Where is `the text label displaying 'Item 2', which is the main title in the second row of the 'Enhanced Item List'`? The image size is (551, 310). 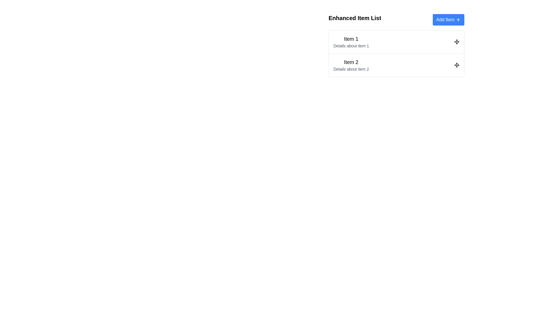 the text label displaying 'Item 2', which is the main title in the second row of the 'Enhanced Item List' is located at coordinates (351, 62).